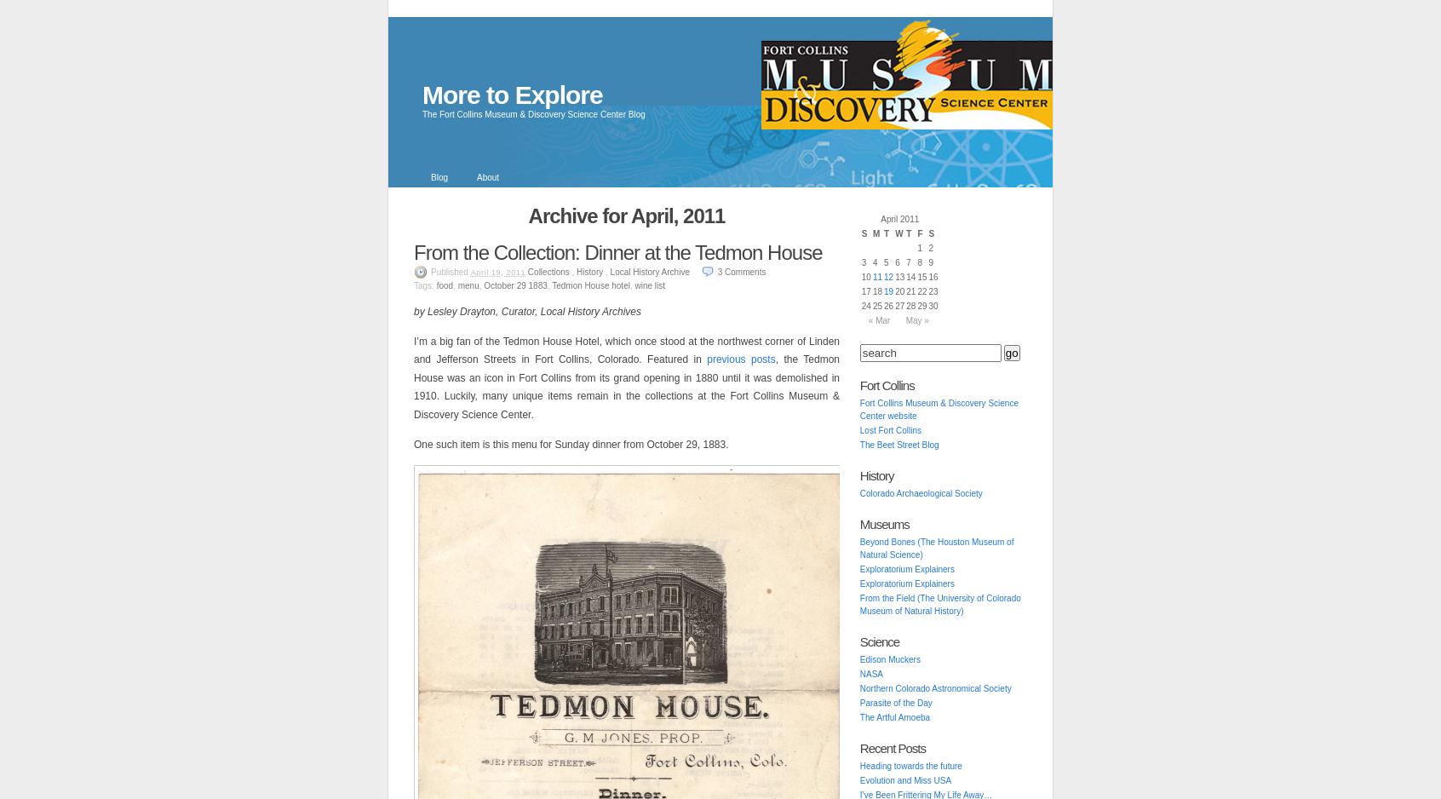 This screenshot has height=799, width=1441. Describe the element at coordinates (910, 766) in the screenshot. I see `'Heading towards the future'` at that location.